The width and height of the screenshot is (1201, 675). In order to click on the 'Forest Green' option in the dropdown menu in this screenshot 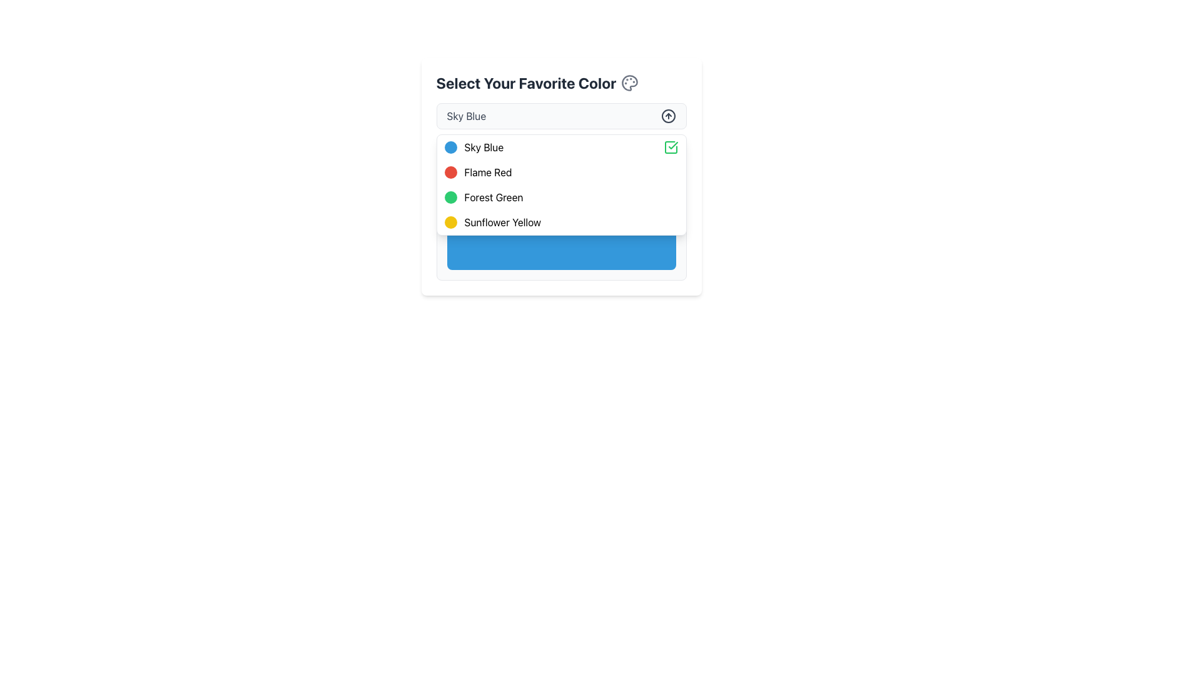, I will do `click(493, 197)`.